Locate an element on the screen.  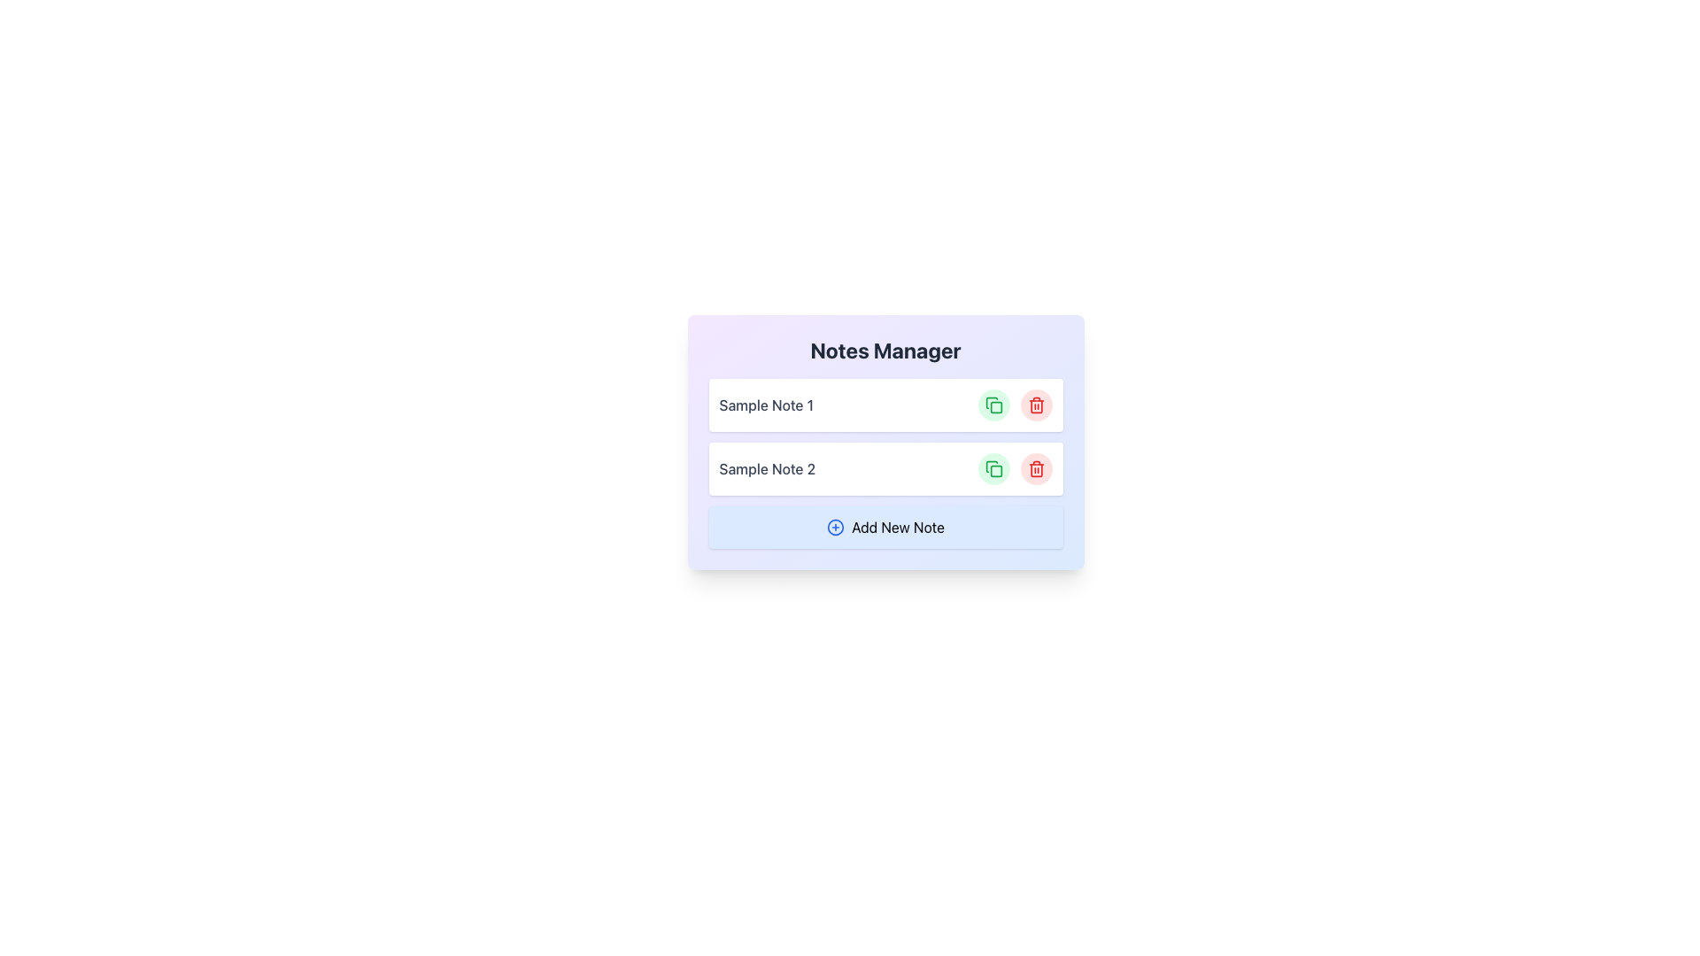
the green circular button to the right of 'Sample Note 2' is located at coordinates (993, 405).